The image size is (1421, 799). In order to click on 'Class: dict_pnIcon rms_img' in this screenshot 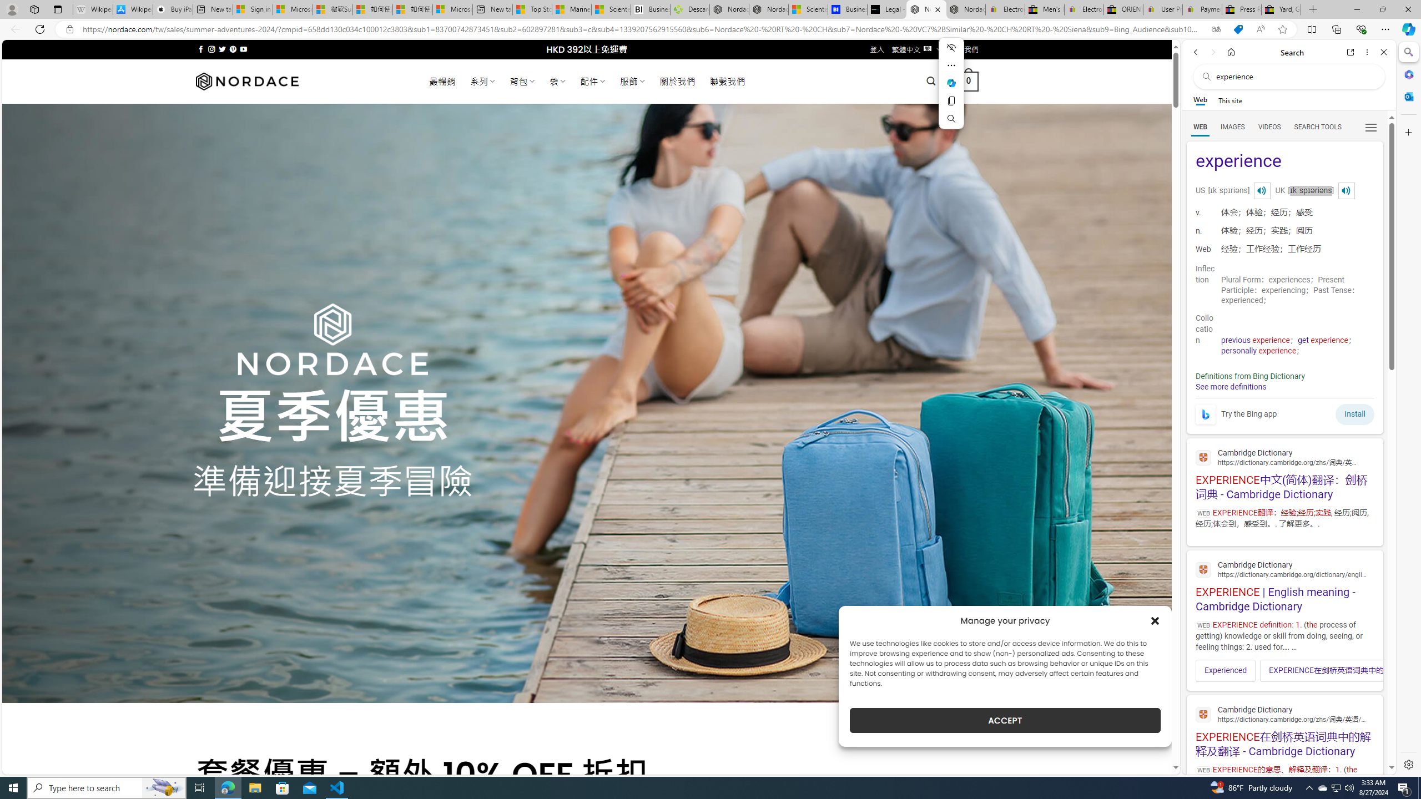, I will do `click(1346, 190)`.